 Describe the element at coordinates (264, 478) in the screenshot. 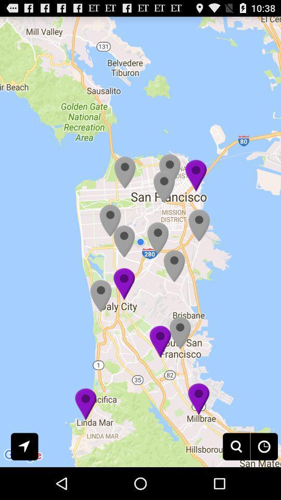

I see `the history icon` at that location.